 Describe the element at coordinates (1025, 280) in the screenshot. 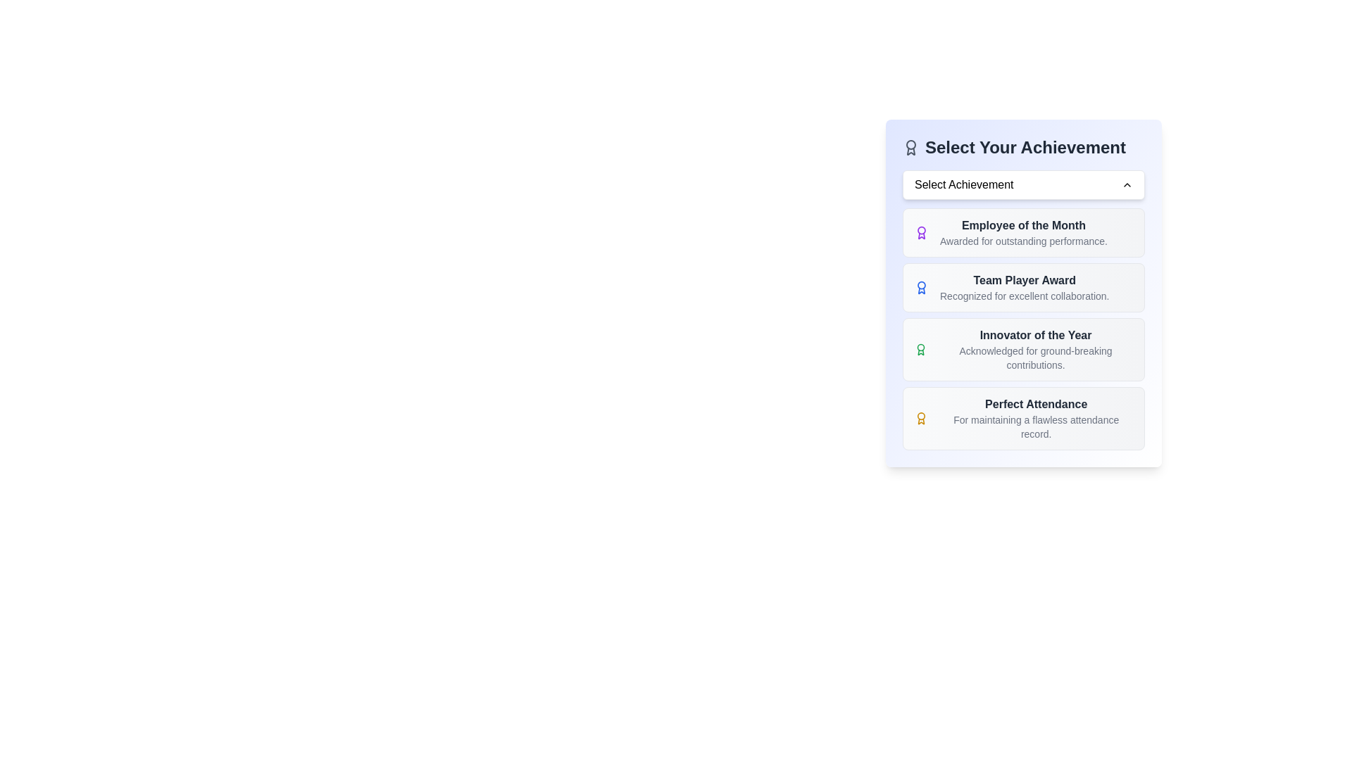

I see `text of the 'Team Player Award' label, which is styled with a bold font and dark gray color, located as the second item in a vertical list of awards` at that location.